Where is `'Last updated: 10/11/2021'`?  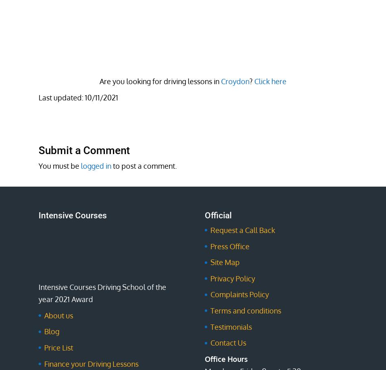
'Last updated: 10/11/2021' is located at coordinates (78, 97).